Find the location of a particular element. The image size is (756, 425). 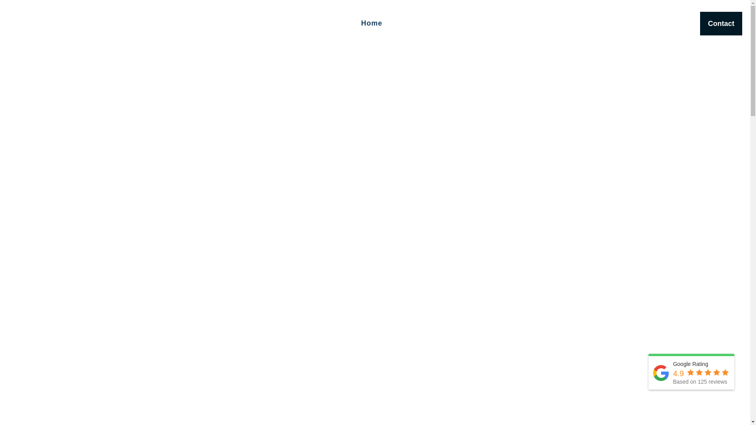

'About Me' is located at coordinates (390, 23).